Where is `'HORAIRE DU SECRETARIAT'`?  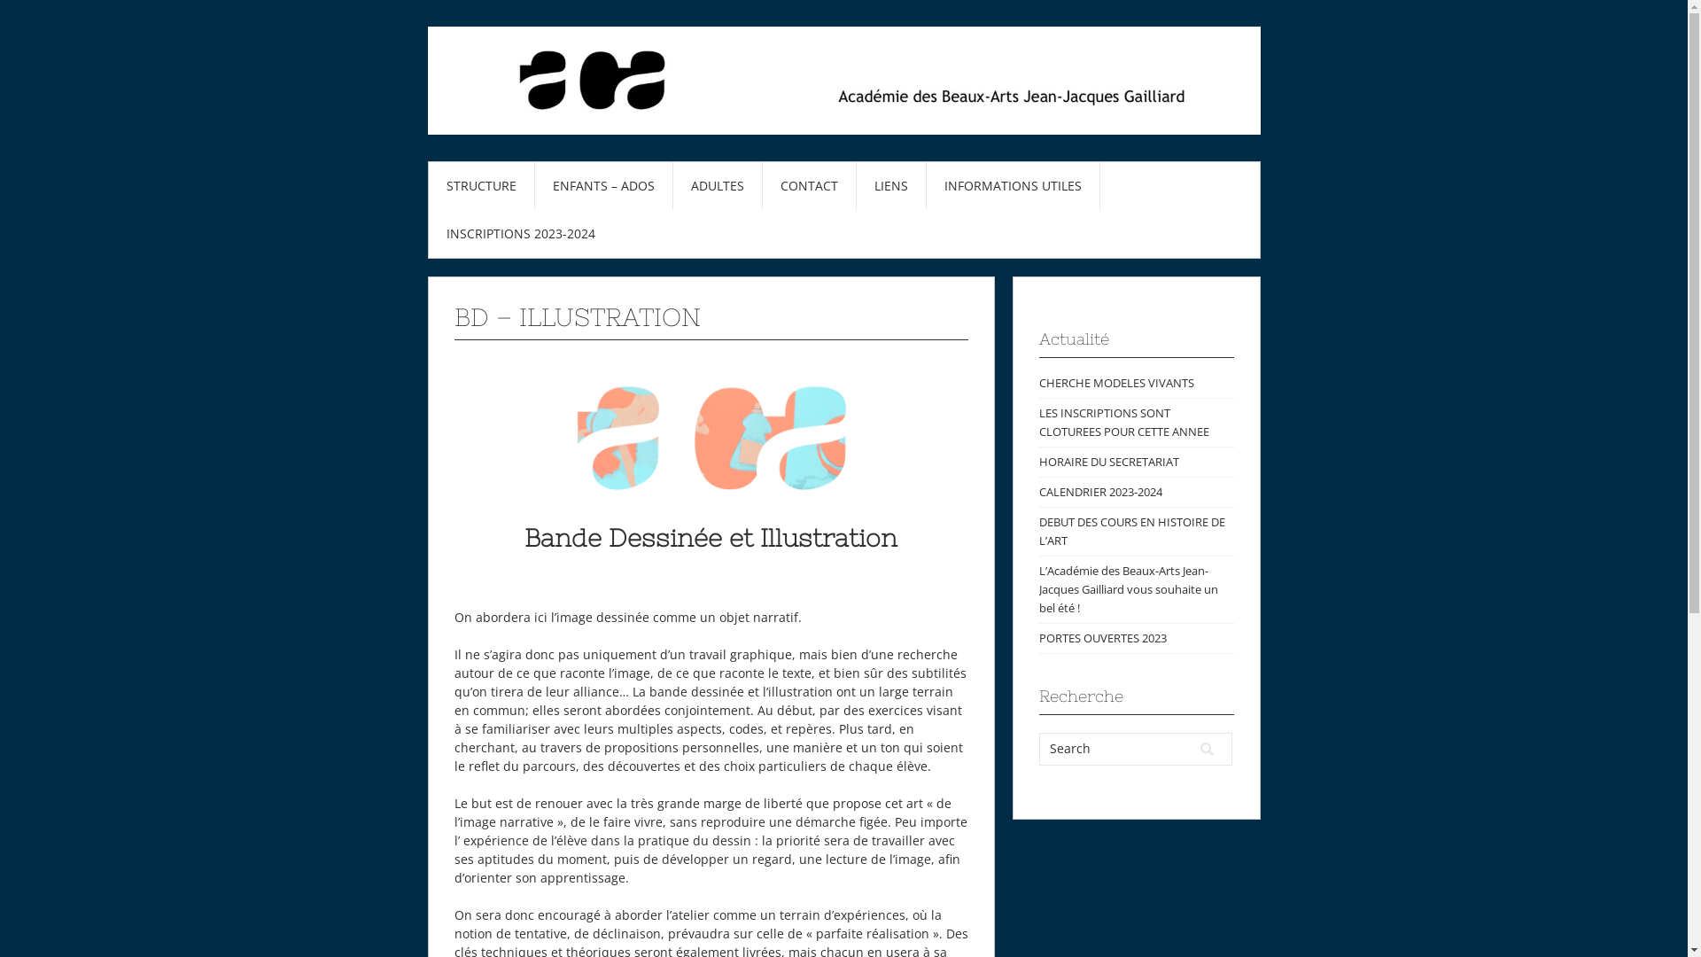
'HORAIRE DU SECRETARIAT' is located at coordinates (1107, 460).